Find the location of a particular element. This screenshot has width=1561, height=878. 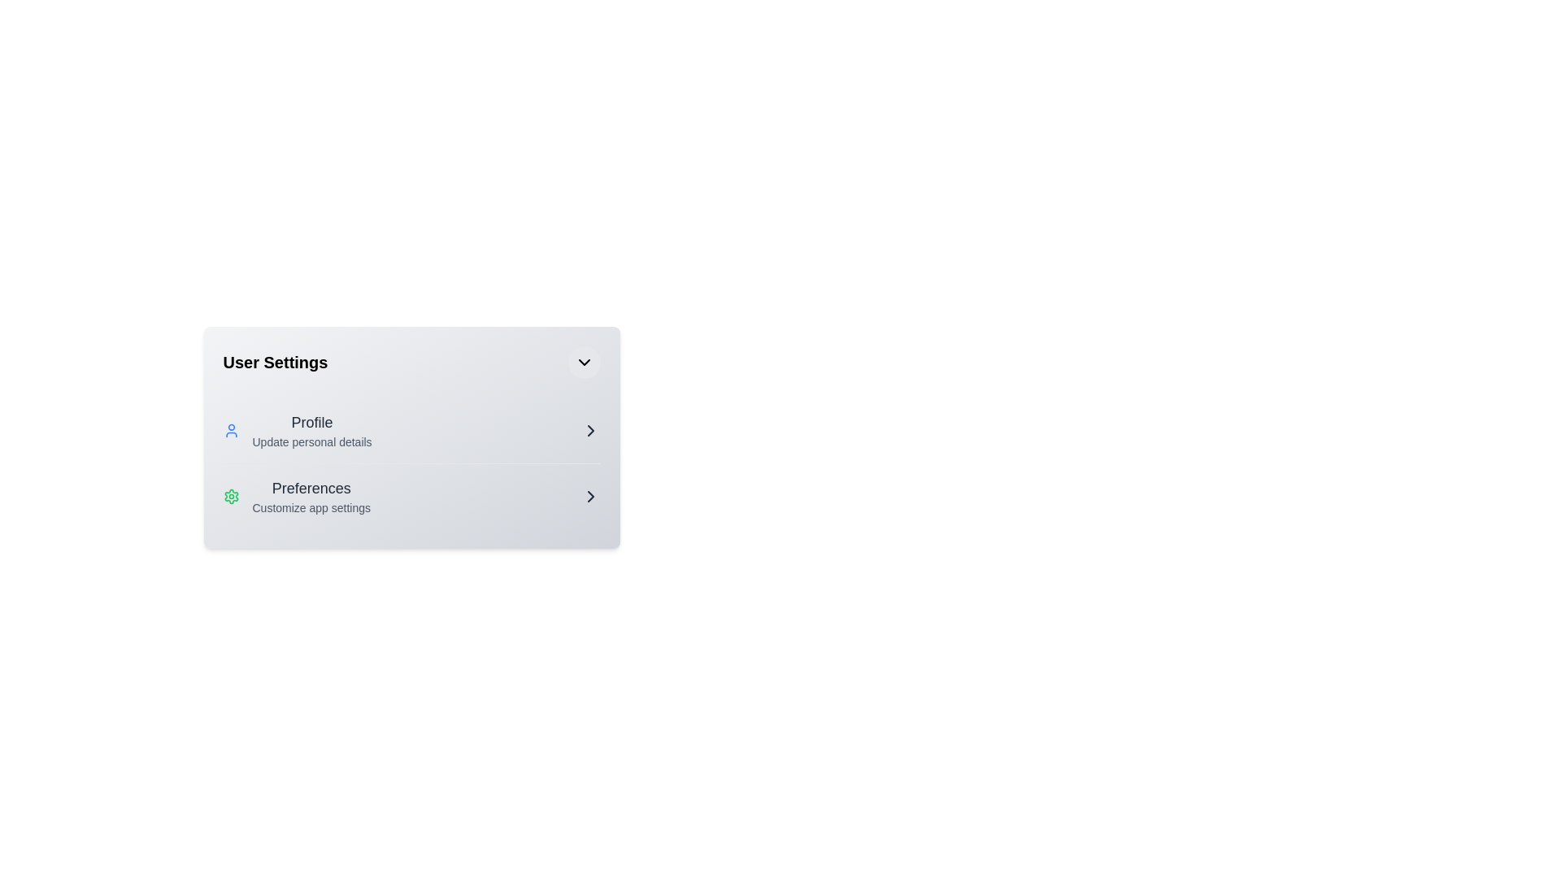

the second list item in the 'User Settings' panel, which allows access to application preferences or settings, located below 'Profile' is located at coordinates (297, 495).